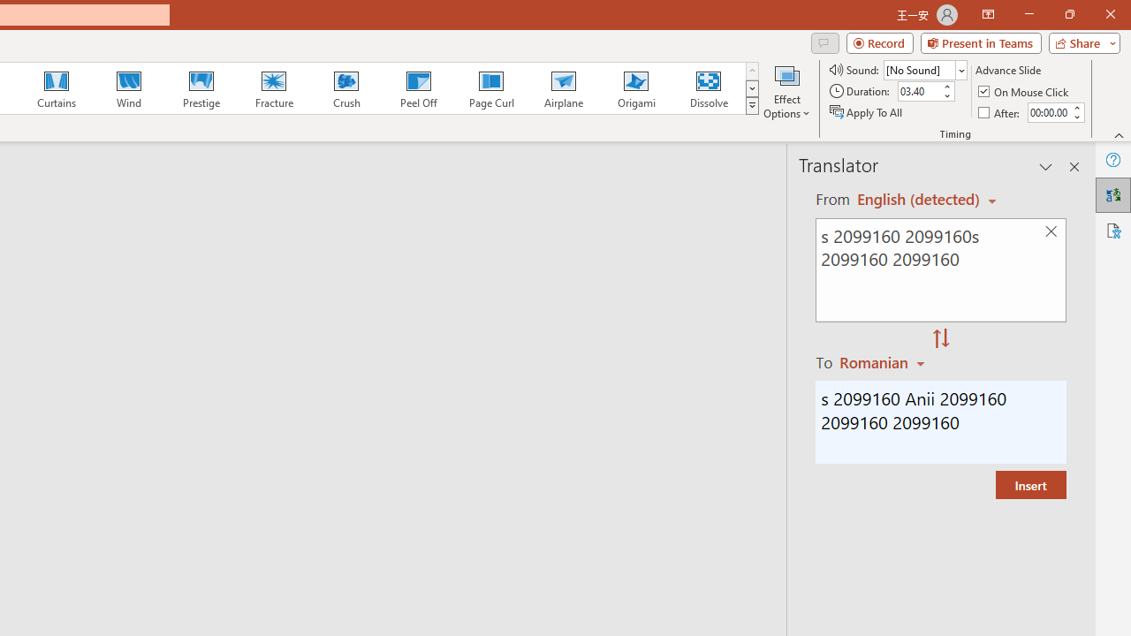  I want to click on 'Page Curl', so click(490, 88).